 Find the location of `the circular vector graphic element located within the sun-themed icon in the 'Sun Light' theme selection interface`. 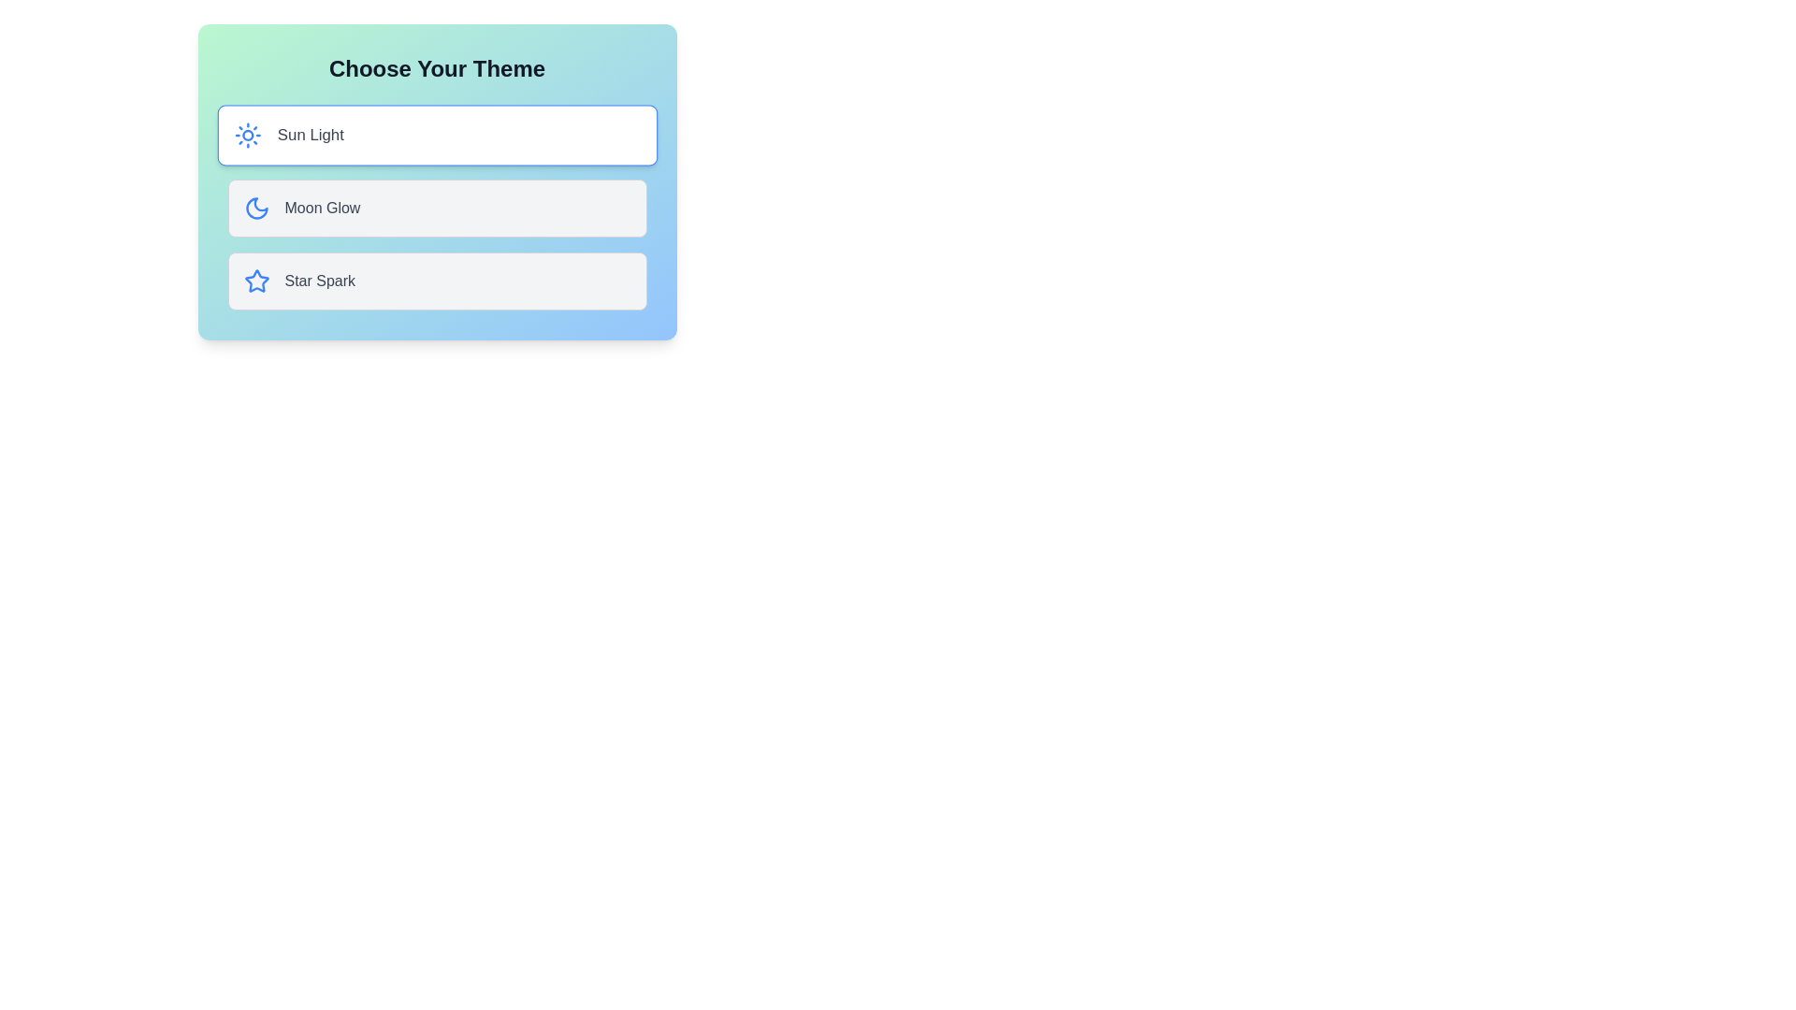

the circular vector graphic element located within the sun-themed icon in the 'Sun Light' theme selection interface is located at coordinates (246, 135).